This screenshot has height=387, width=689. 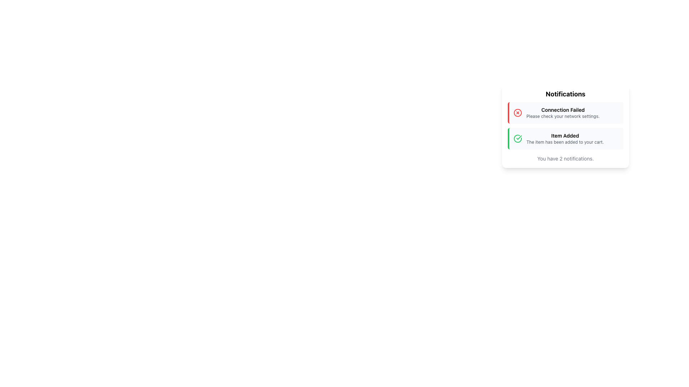 What do you see at coordinates (566, 113) in the screenshot?
I see `the Notification Message that displays a failed network connection warning, which is the first entry in the notification list with a light-gray background and a red accent line` at bounding box center [566, 113].